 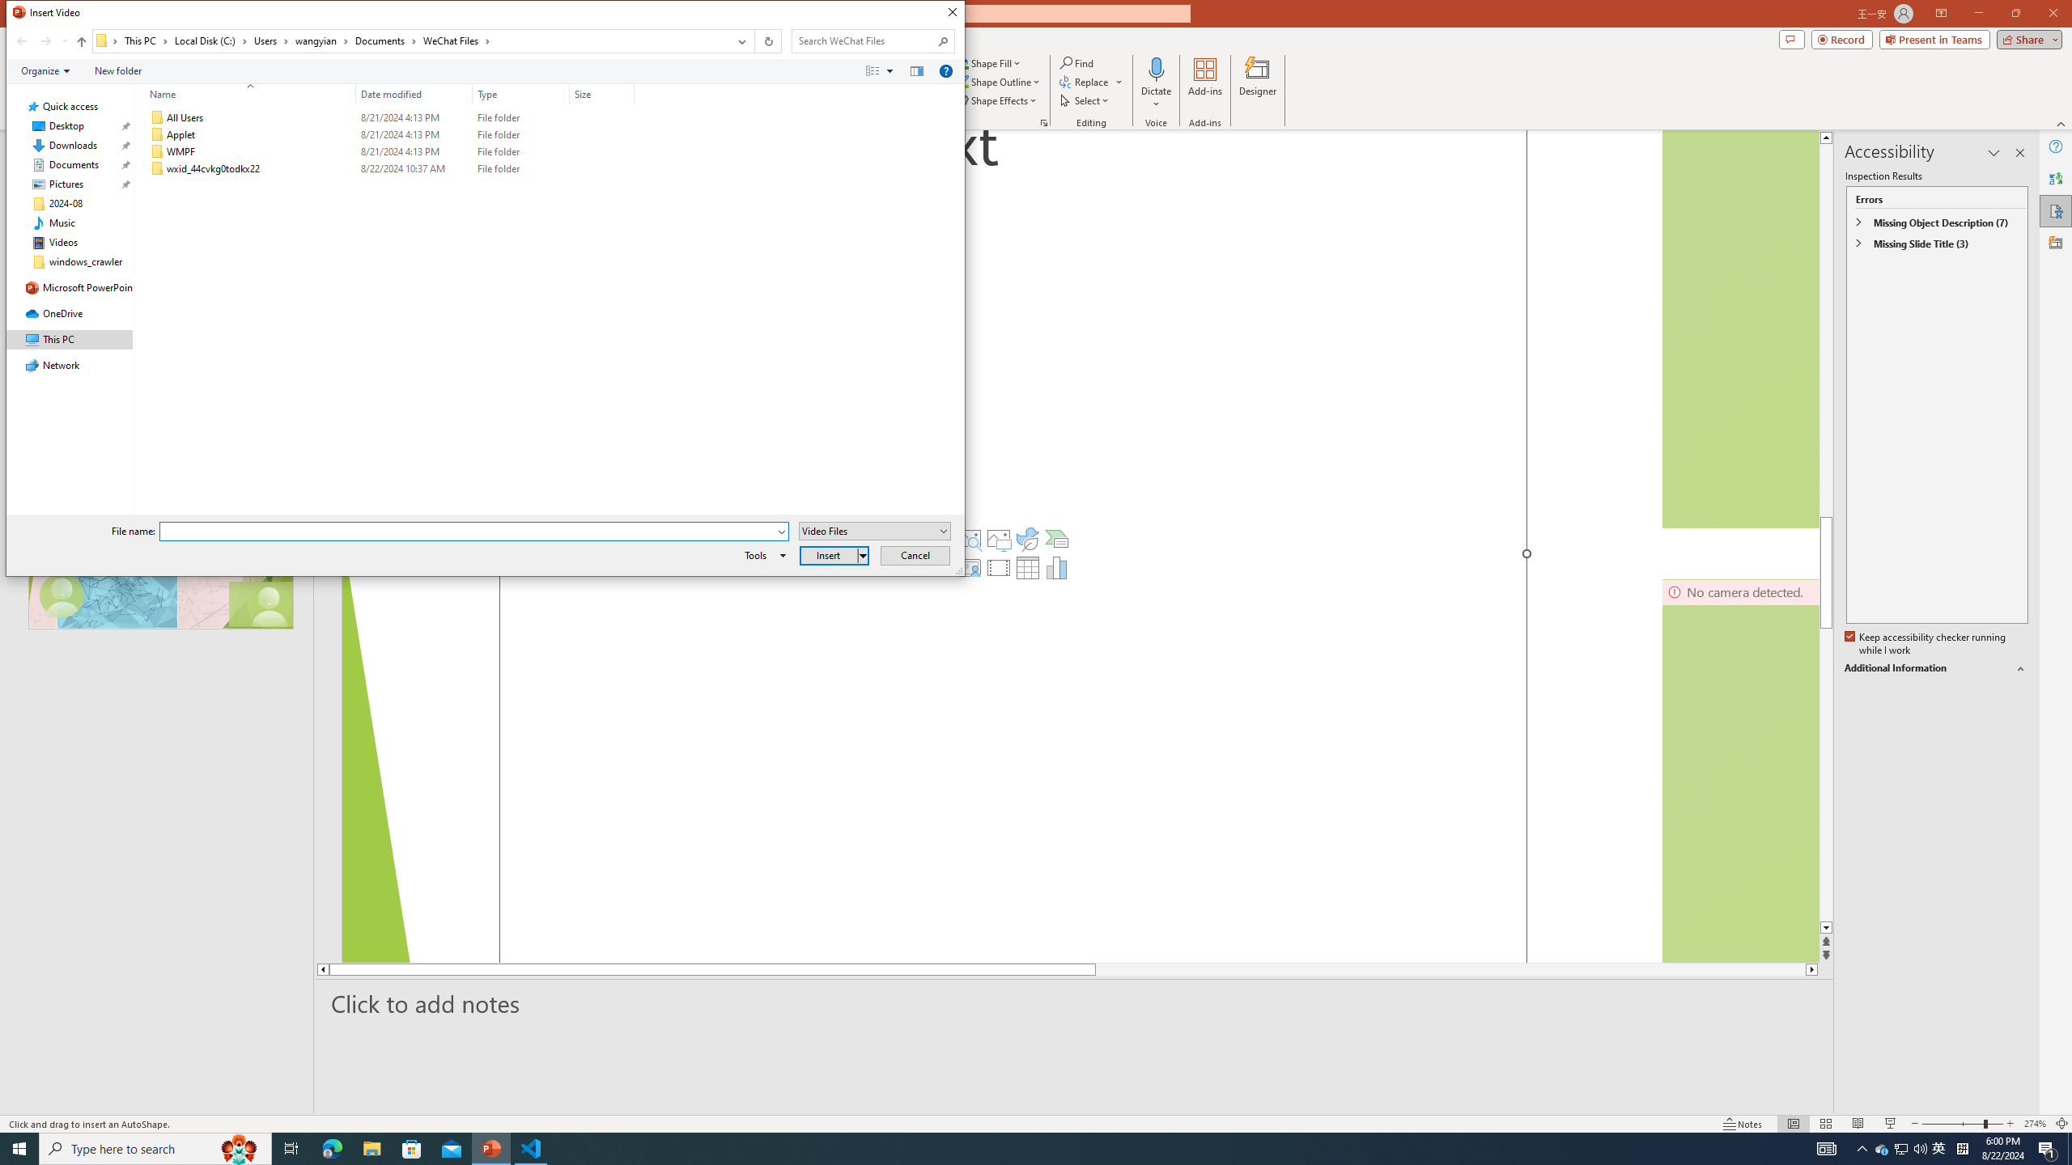 I want to click on 'Preview pane', so click(x=916, y=70).